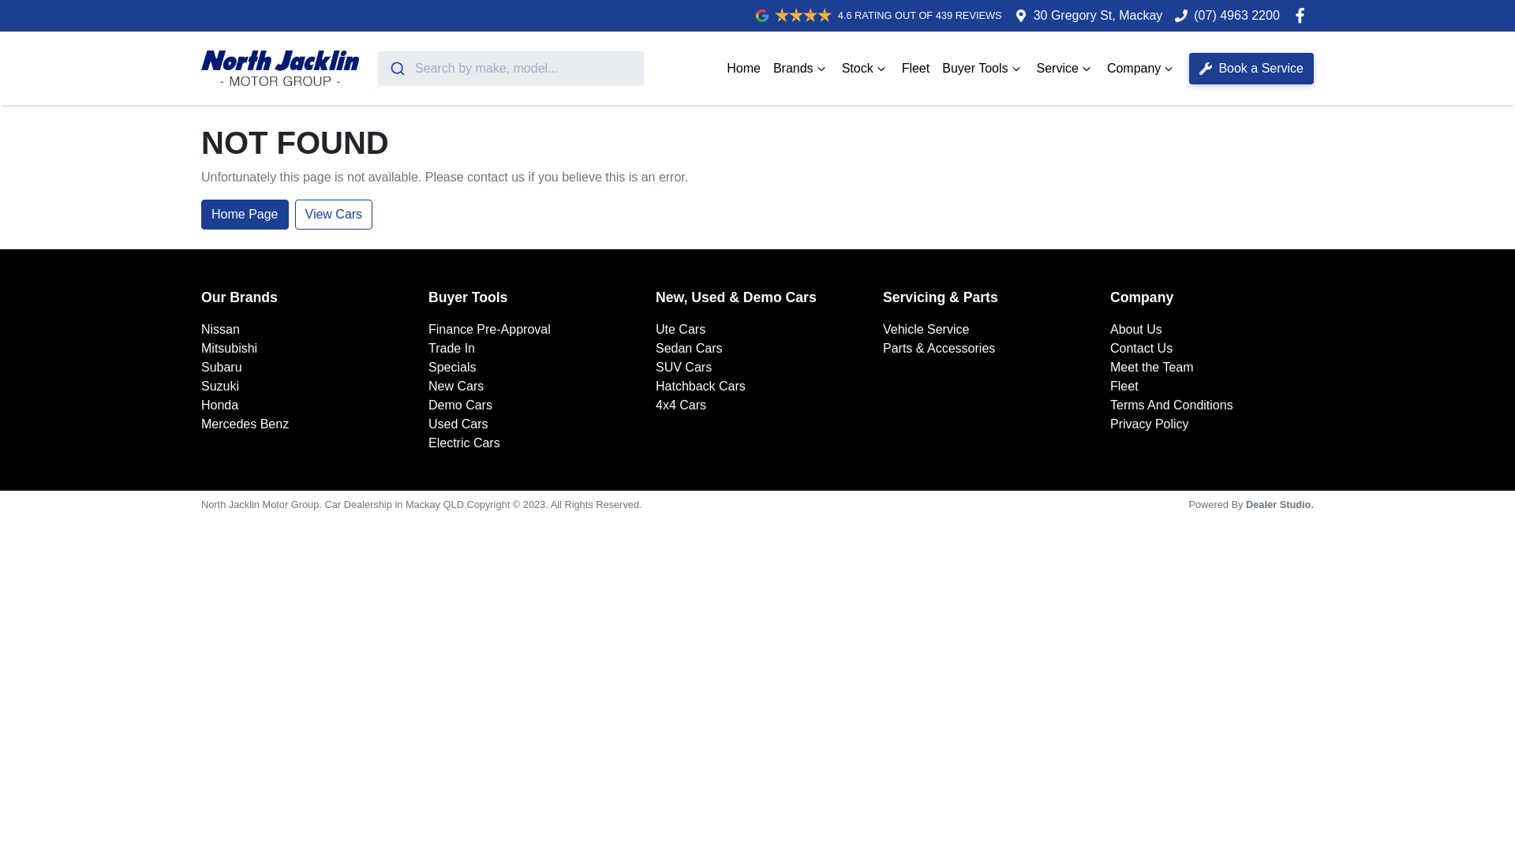 This screenshot has width=1515, height=852. What do you see at coordinates (1065, 66) in the screenshot?
I see `'Service'` at bounding box center [1065, 66].